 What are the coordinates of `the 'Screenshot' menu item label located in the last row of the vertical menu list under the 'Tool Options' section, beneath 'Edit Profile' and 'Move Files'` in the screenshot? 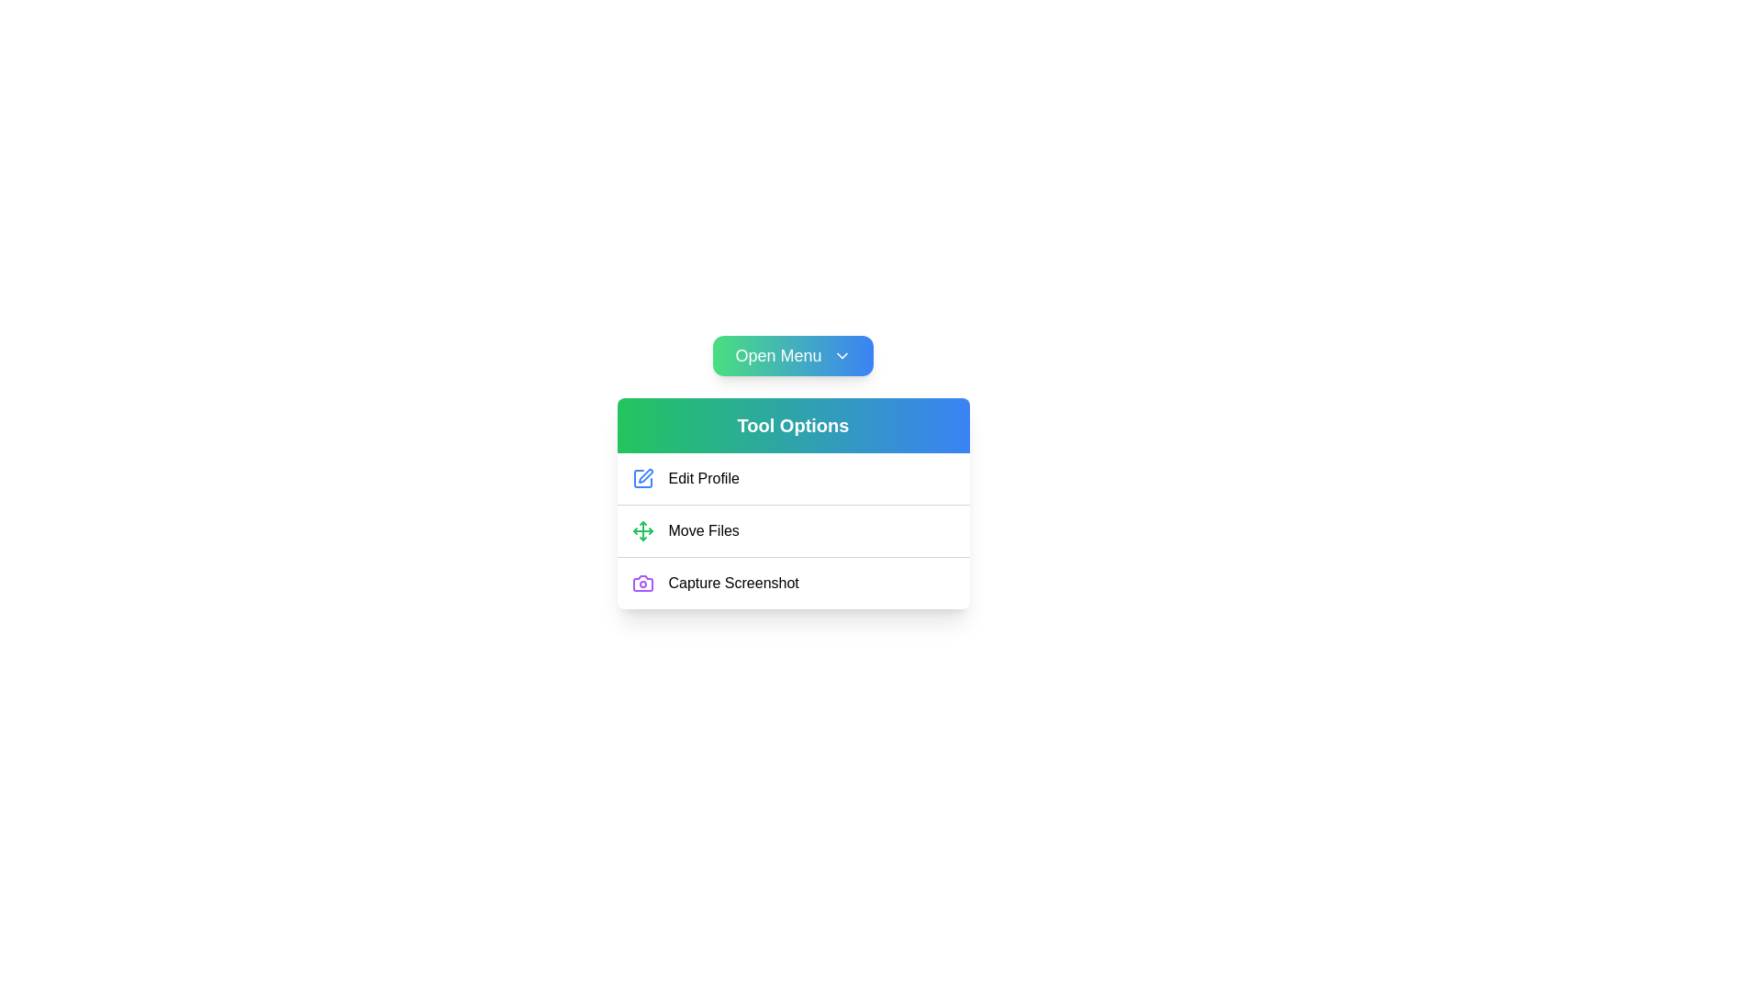 It's located at (732, 584).